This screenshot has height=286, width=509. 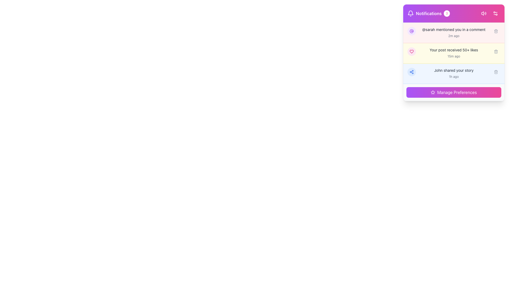 I want to click on the notification icon, which is a bell shape with a white outline and purple background, located to the far left of the 'Notifications' header, so click(x=410, y=13).